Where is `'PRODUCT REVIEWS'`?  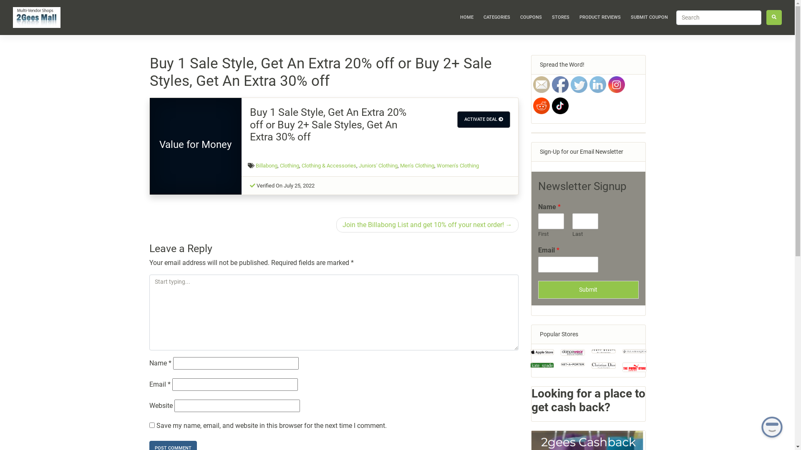
'PRODUCT REVIEWS' is located at coordinates (576, 17).